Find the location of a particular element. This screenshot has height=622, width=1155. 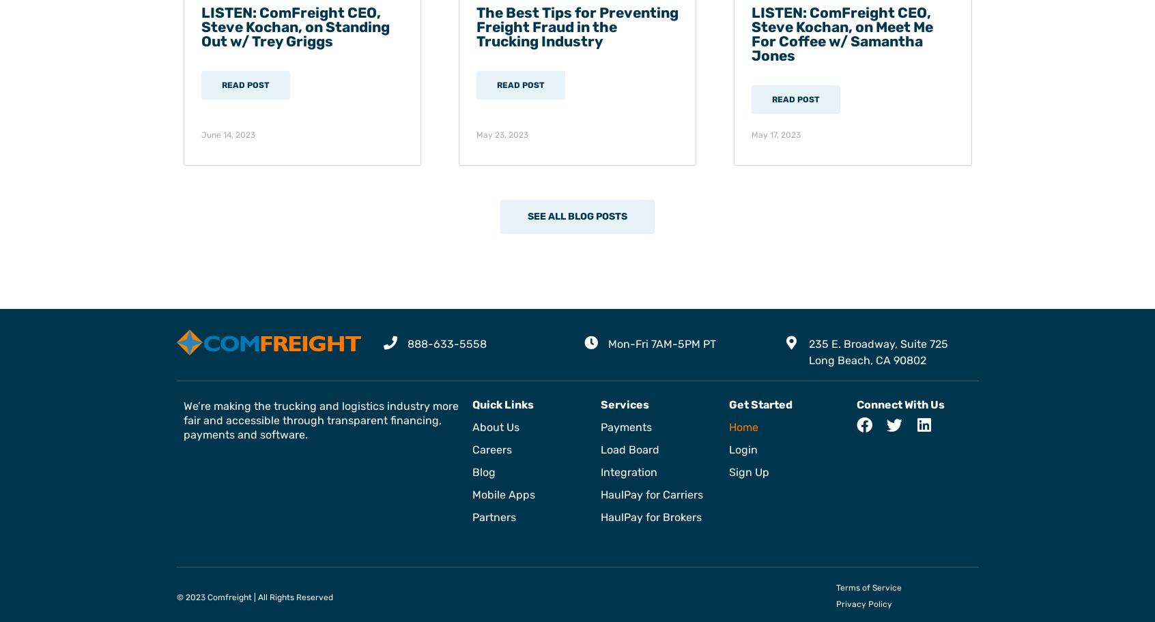

'Quick Links' is located at coordinates (502, 403).